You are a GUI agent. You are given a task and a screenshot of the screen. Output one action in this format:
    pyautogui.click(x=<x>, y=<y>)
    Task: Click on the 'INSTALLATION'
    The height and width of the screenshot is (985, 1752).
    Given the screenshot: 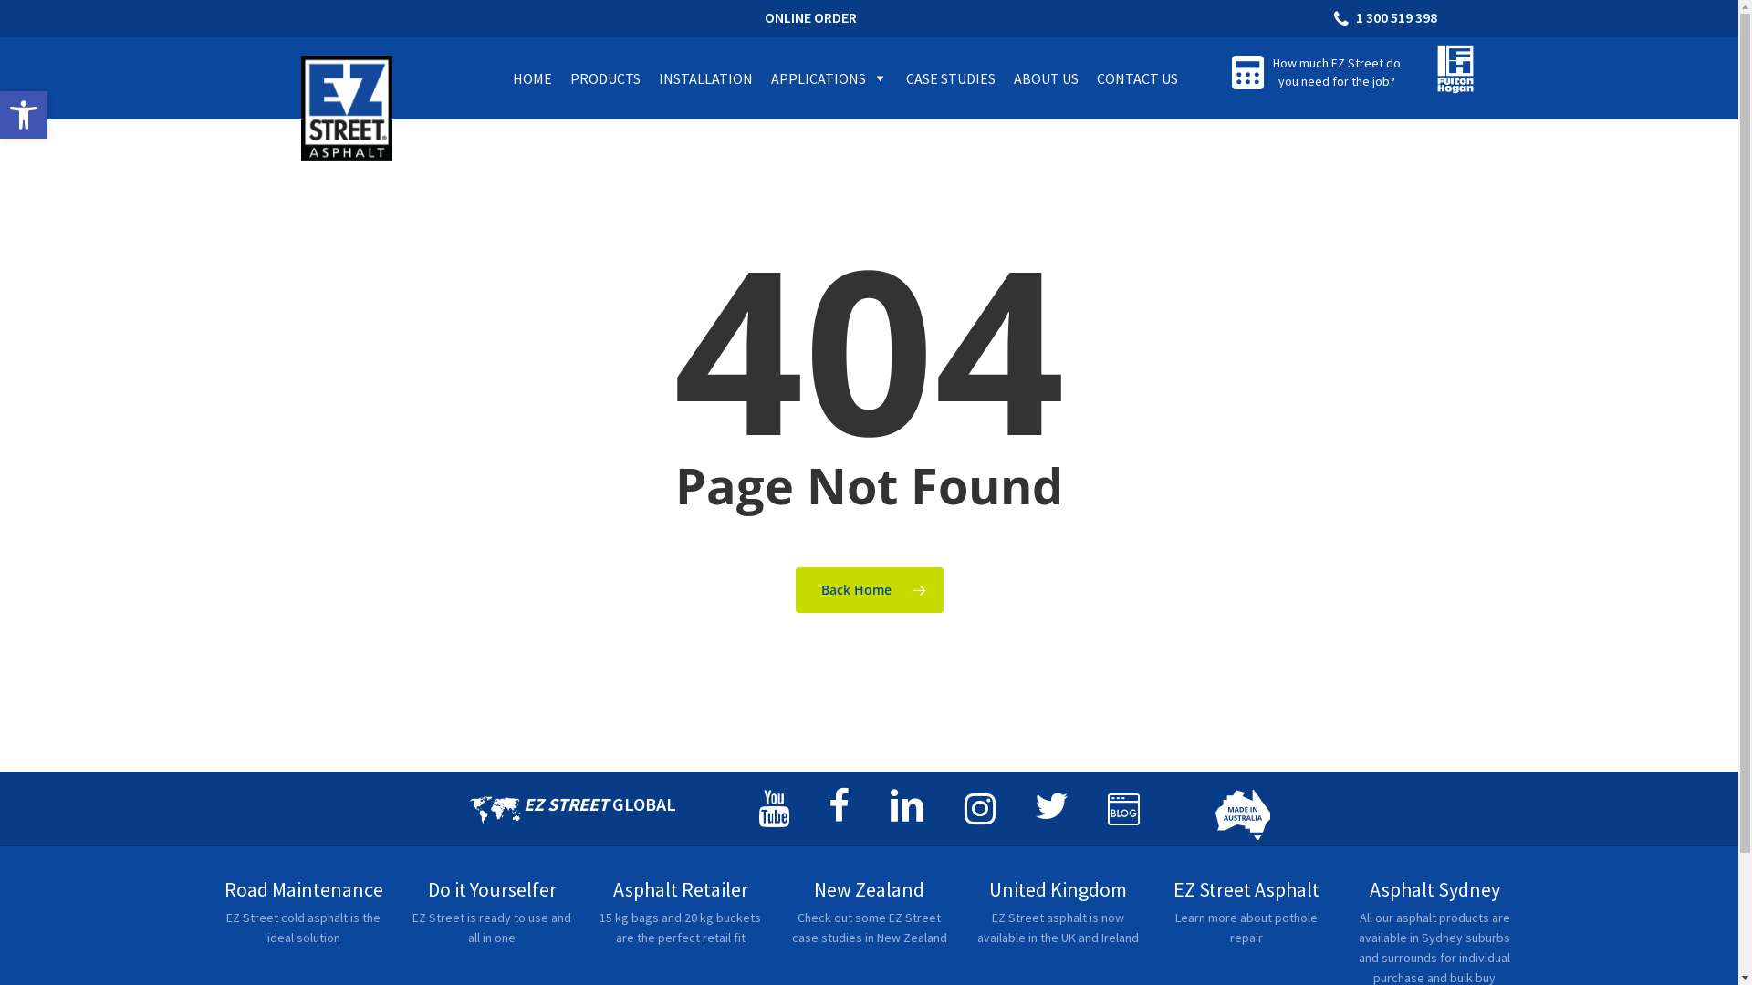 What is the action you would take?
    pyautogui.click(x=704, y=77)
    